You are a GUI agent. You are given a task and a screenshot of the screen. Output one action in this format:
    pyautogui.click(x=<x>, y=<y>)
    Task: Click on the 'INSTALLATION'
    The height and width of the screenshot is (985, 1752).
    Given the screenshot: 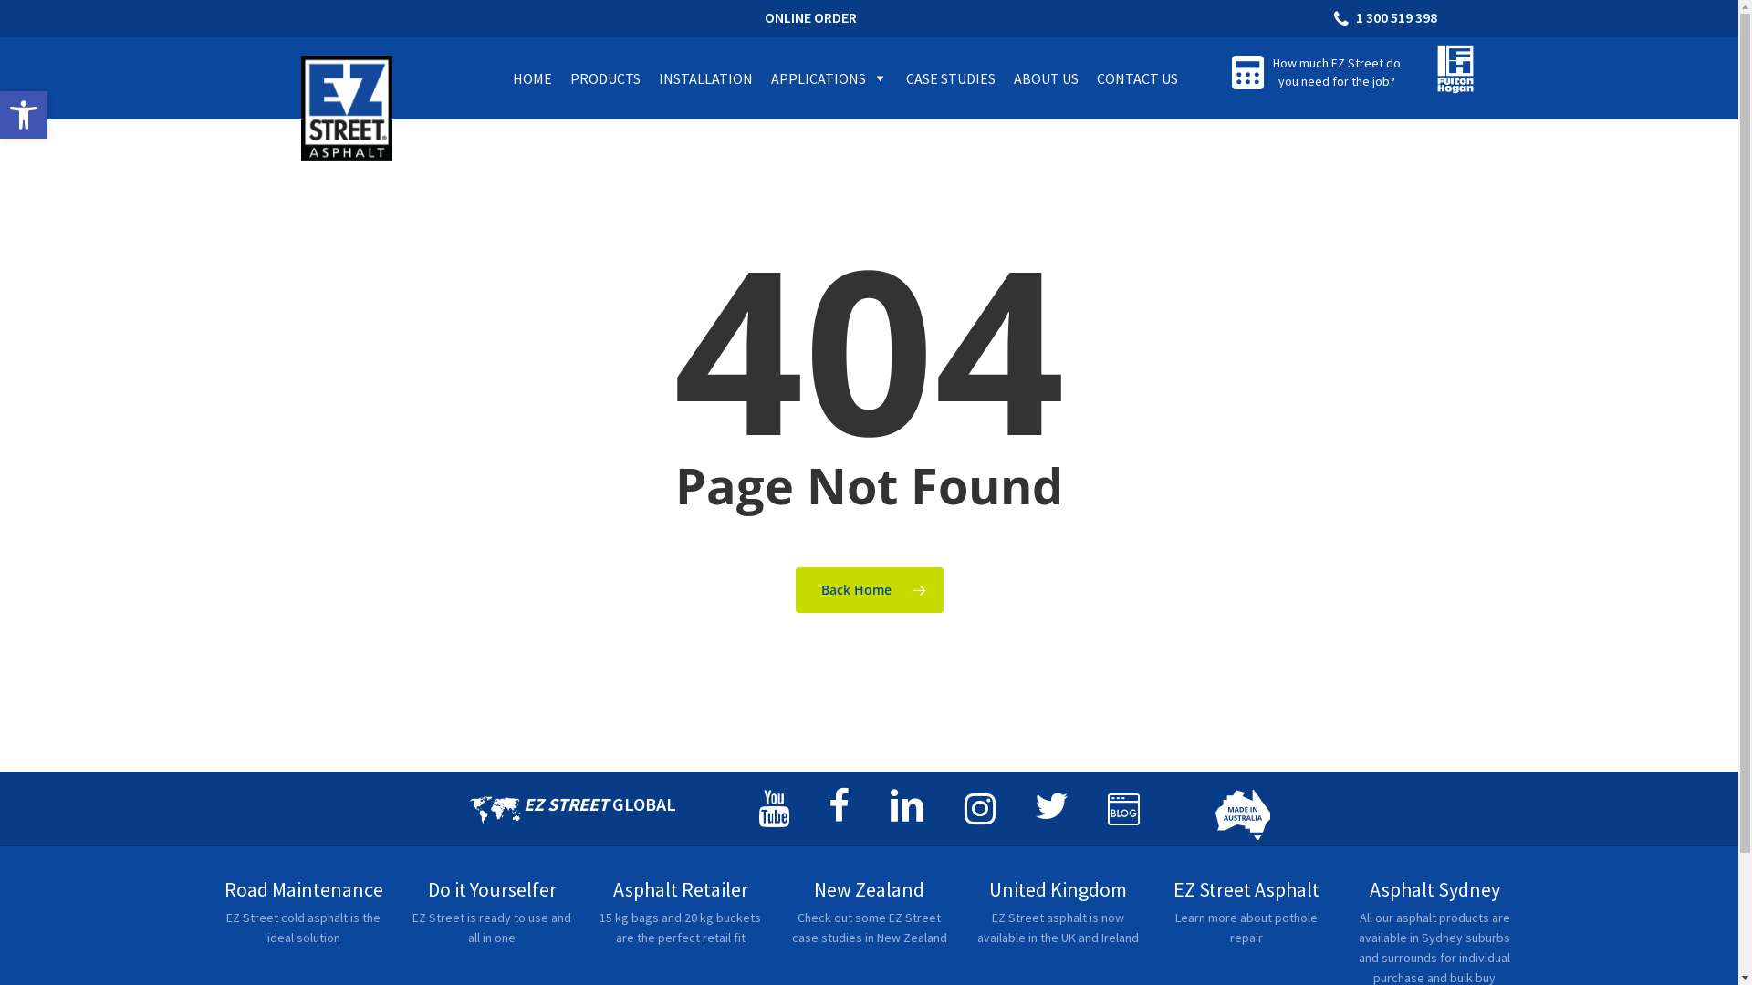 What is the action you would take?
    pyautogui.click(x=704, y=77)
    